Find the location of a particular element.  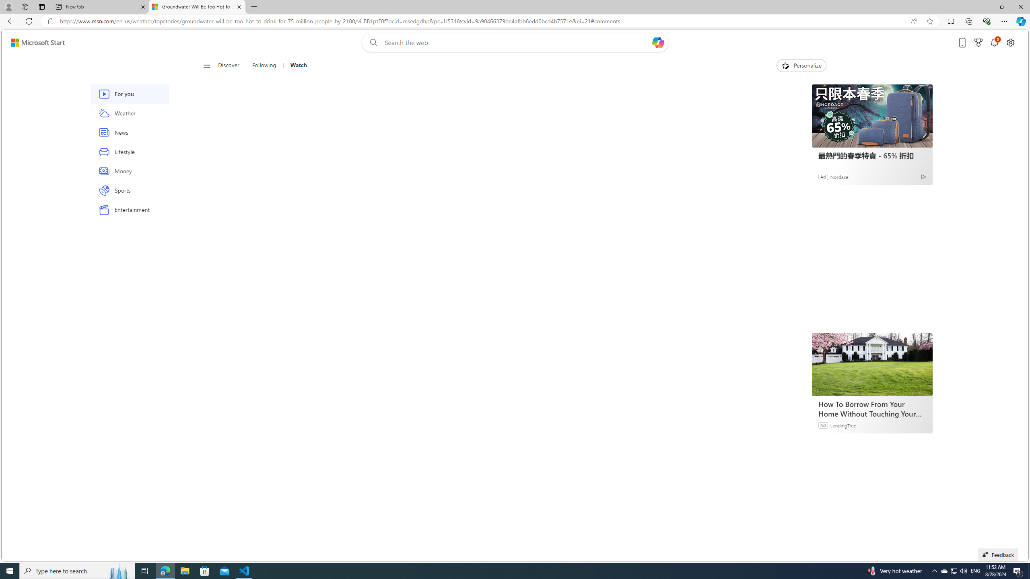

'LendingTree' is located at coordinates (843, 425).